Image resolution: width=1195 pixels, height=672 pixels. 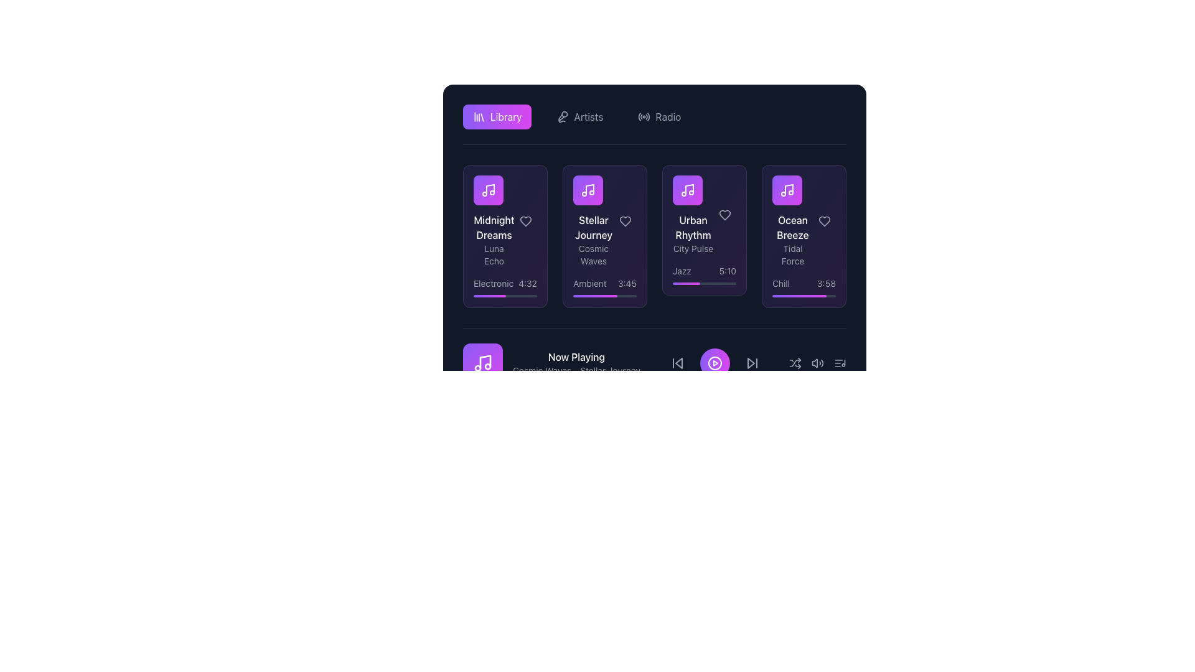 What do you see at coordinates (824, 220) in the screenshot?
I see `the heart-shaped icon with a hollow center located in the top right corner of the 'Ocean Breeze' card` at bounding box center [824, 220].